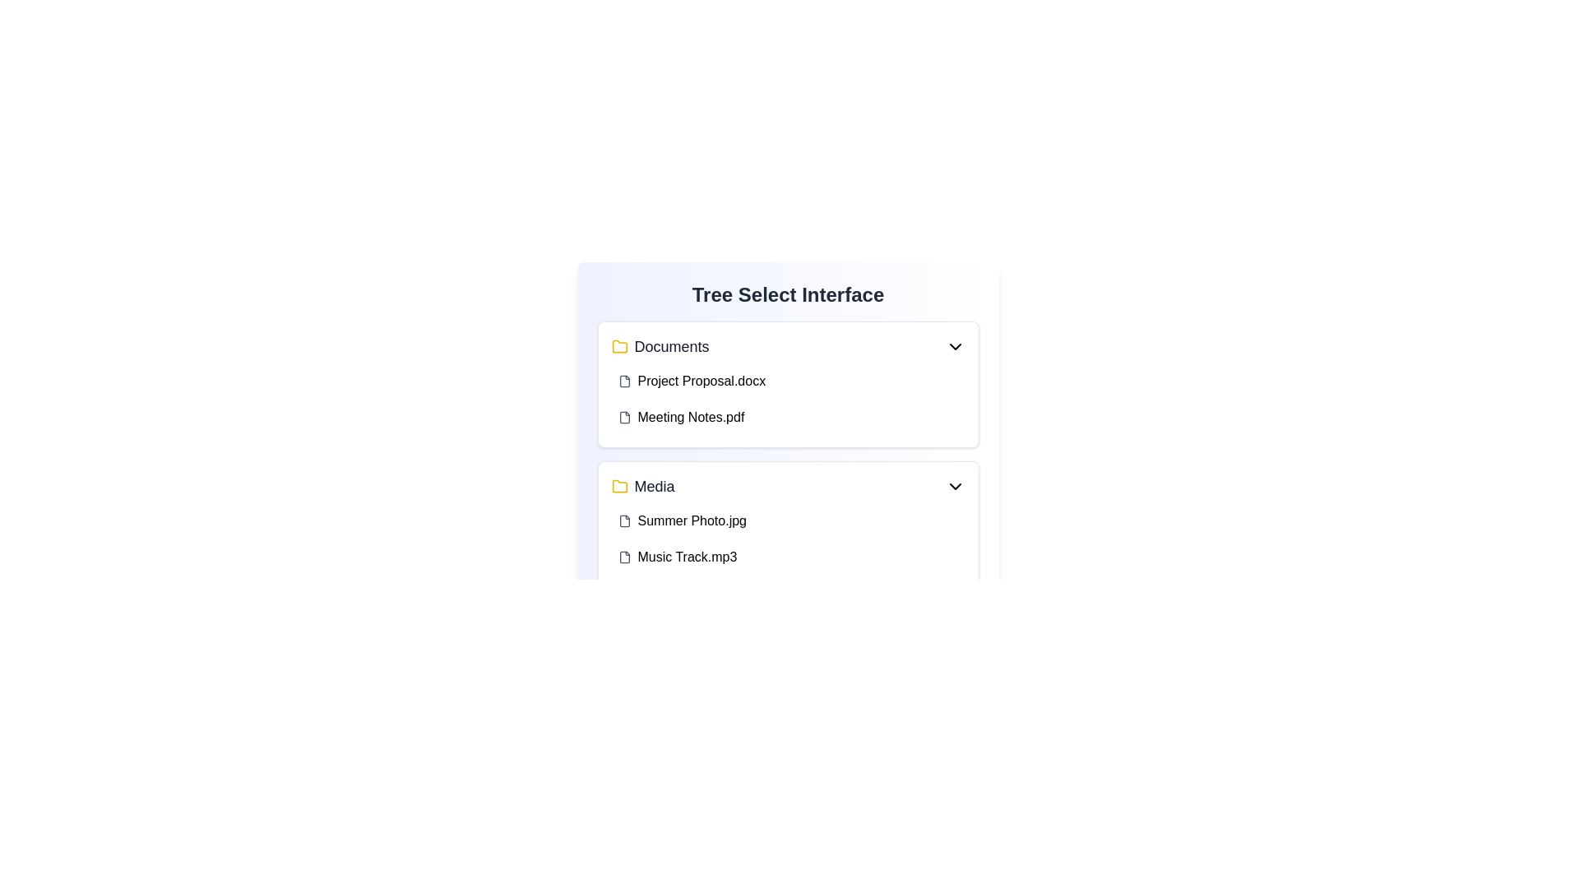 This screenshot has height=888, width=1579. I want to click on the 'Documents' text label with the accompanying yellow folder icon, which serves as a navigational element in the top-left part of the interface, so click(660, 345).